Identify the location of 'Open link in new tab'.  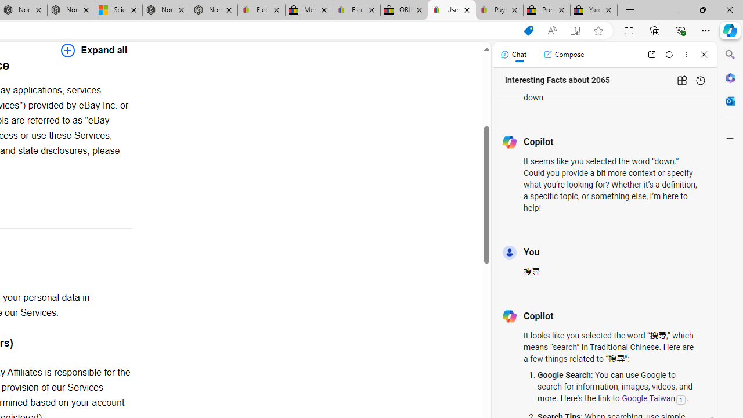
(651, 54).